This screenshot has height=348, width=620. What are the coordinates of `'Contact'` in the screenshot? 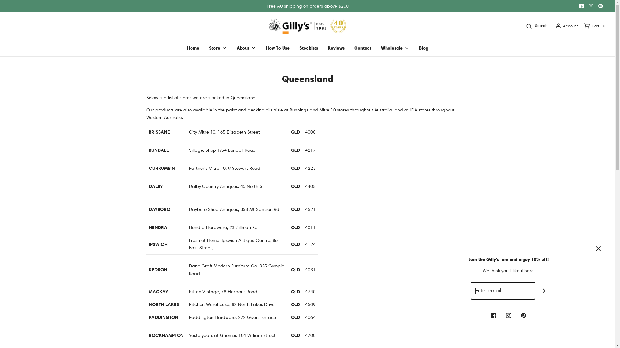 It's located at (363, 48).